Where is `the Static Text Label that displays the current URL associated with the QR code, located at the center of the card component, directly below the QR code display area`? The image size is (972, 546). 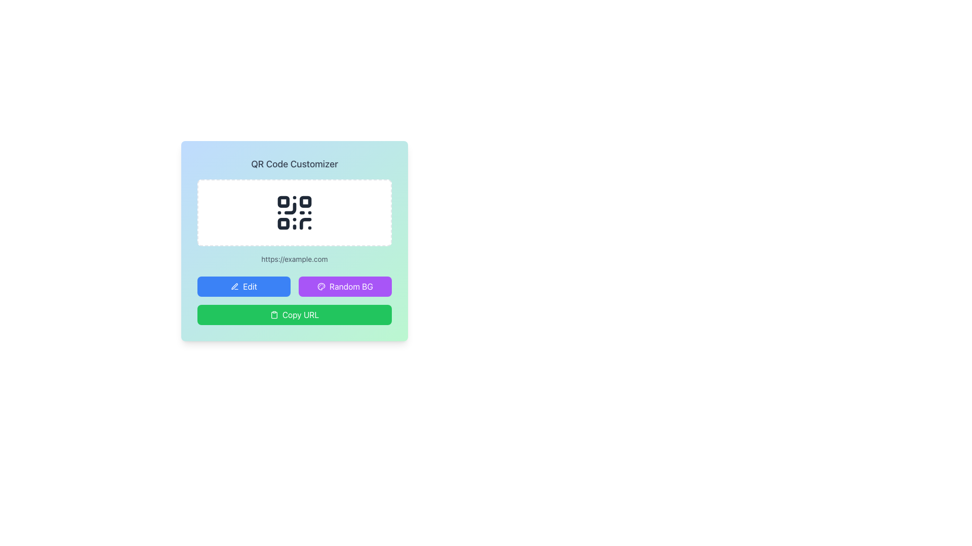
the Static Text Label that displays the current URL associated with the QR code, located at the center of the card component, directly below the QR code display area is located at coordinates (294, 259).